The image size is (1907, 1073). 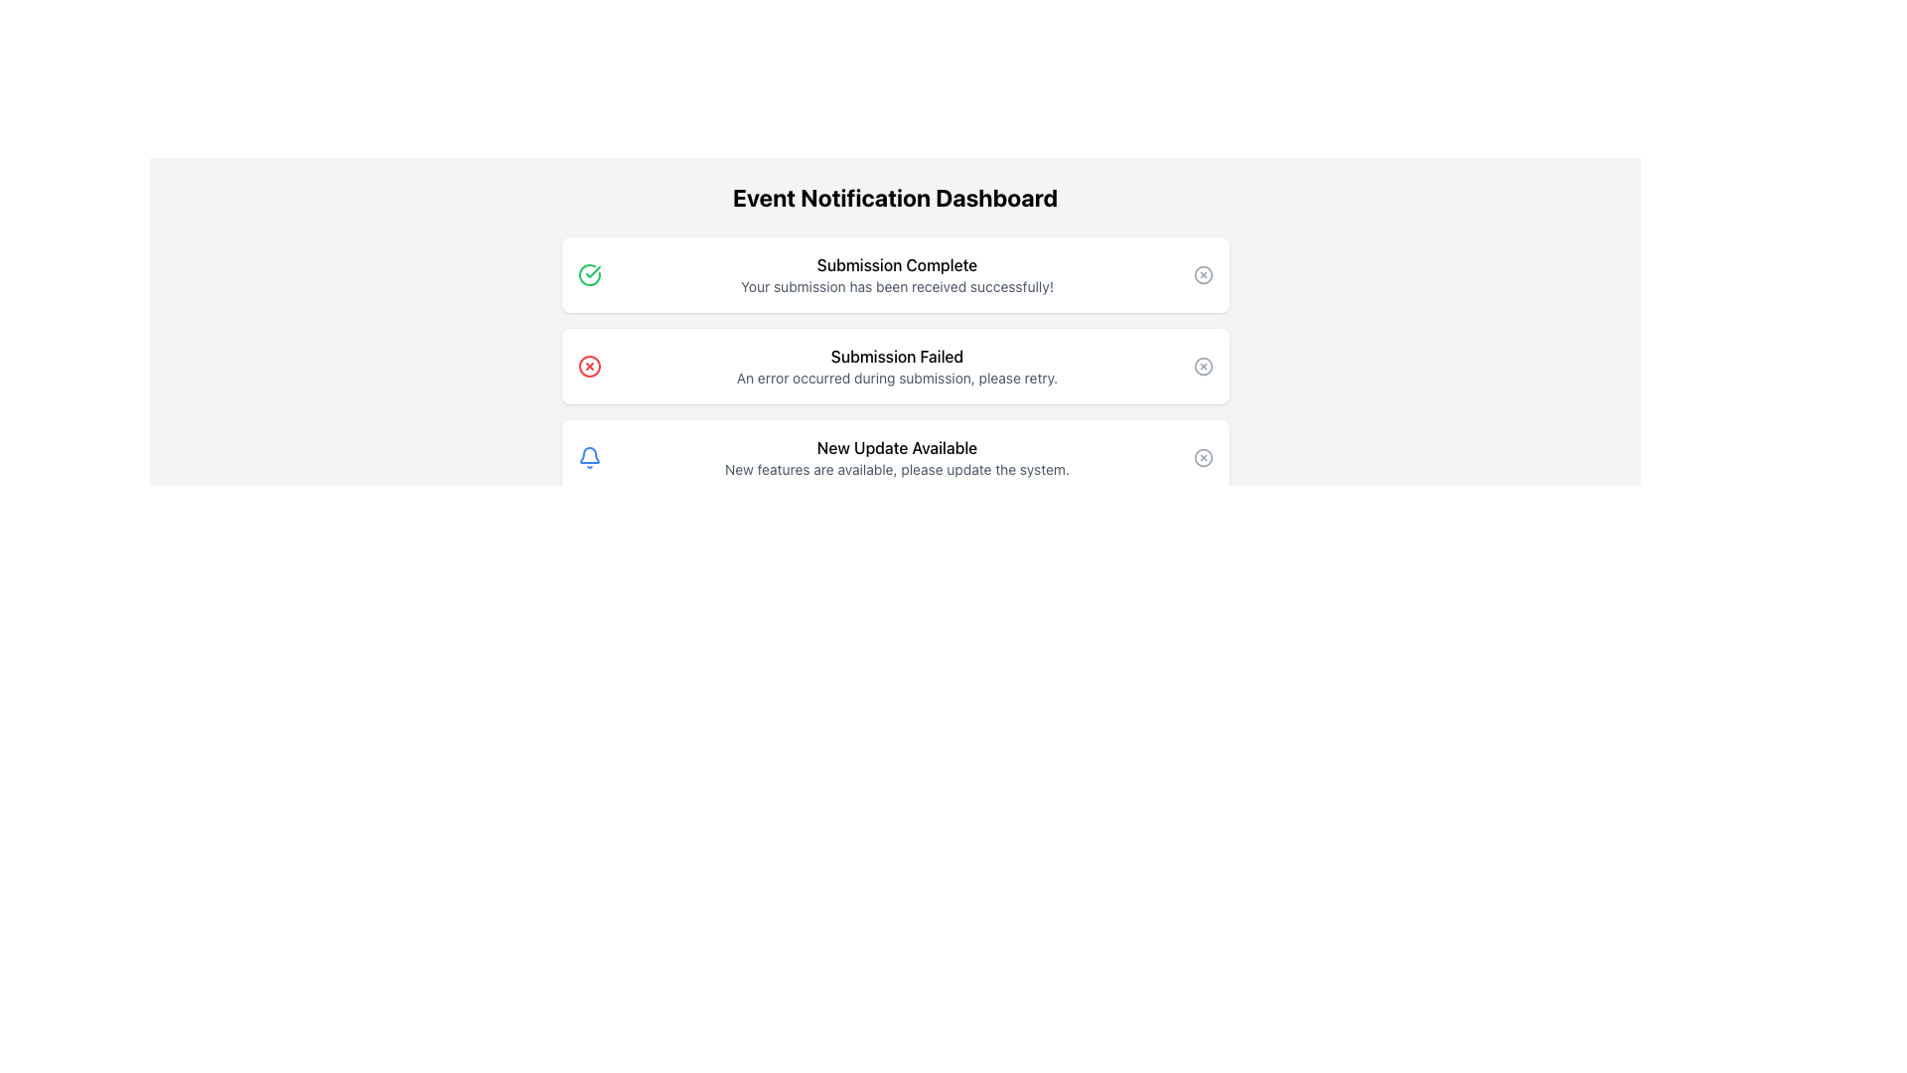 What do you see at coordinates (896, 287) in the screenshot?
I see `the static text label that states 'Your submission has been received successfully!', which is styled in gray and positioned below the bold 'Submission Complete' heading` at bounding box center [896, 287].